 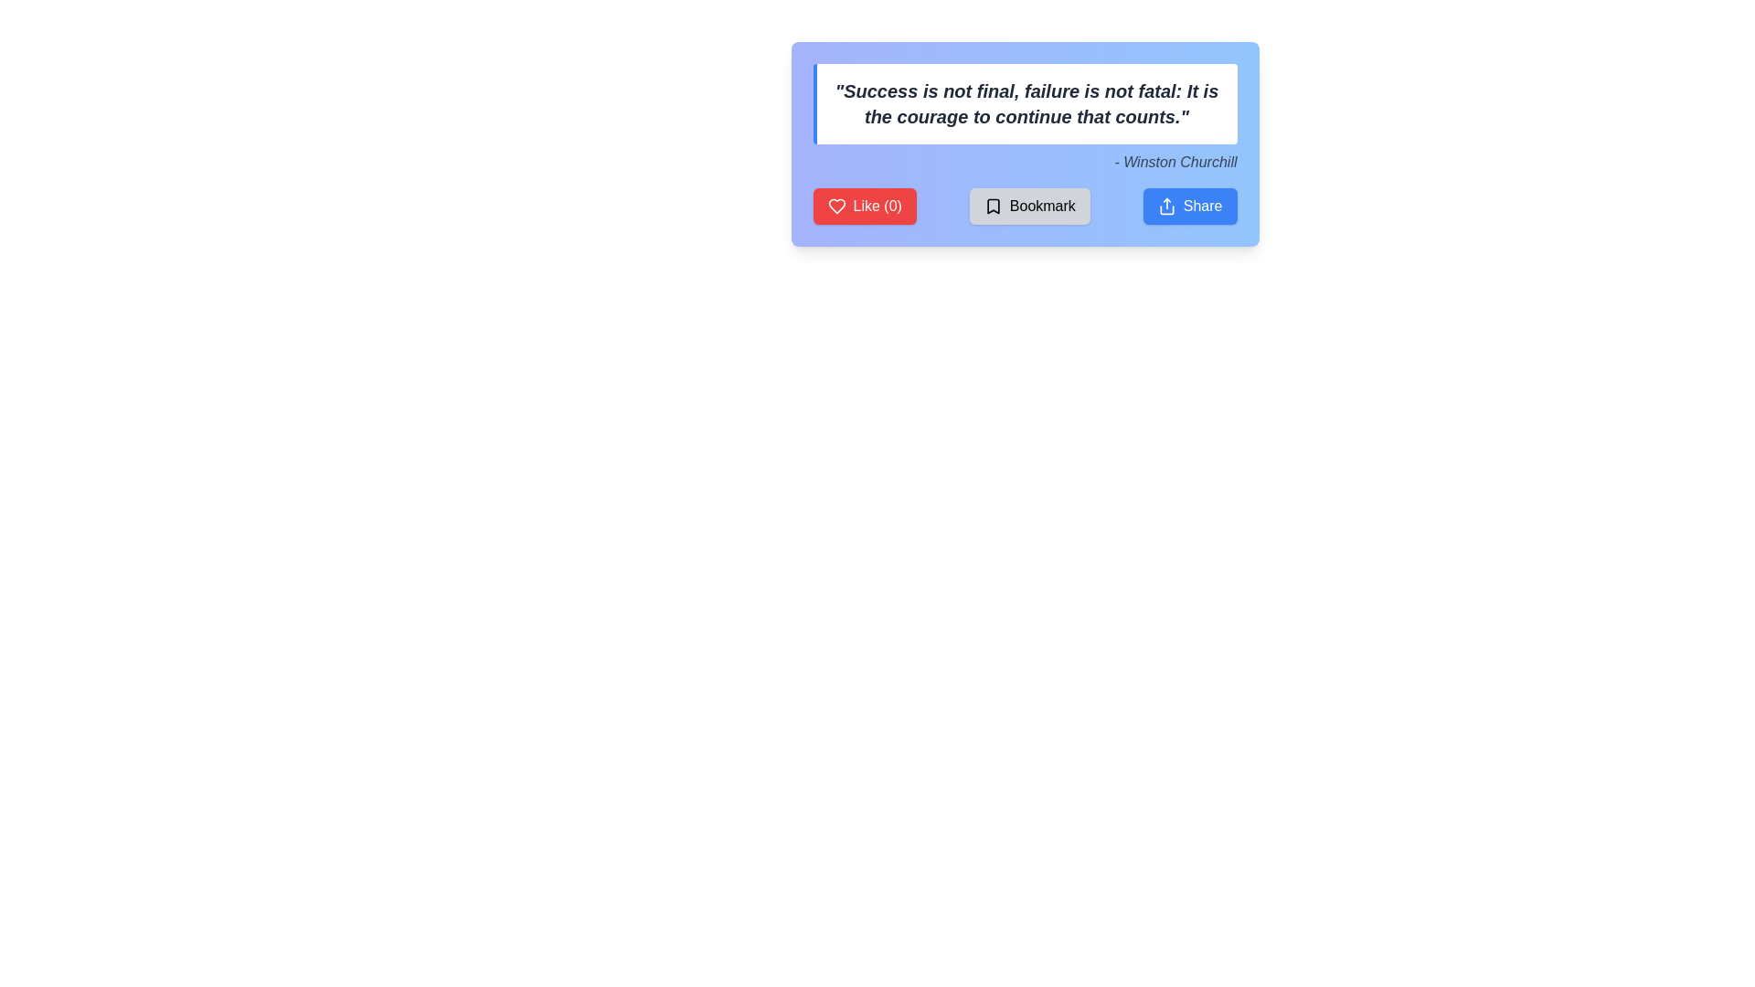 What do you see at coordinates (1203, 206) in the screenshot?
I see `the 'Share' text label within the button located at the bottom-right side of the card layout` at bounding box center [1203, 206].